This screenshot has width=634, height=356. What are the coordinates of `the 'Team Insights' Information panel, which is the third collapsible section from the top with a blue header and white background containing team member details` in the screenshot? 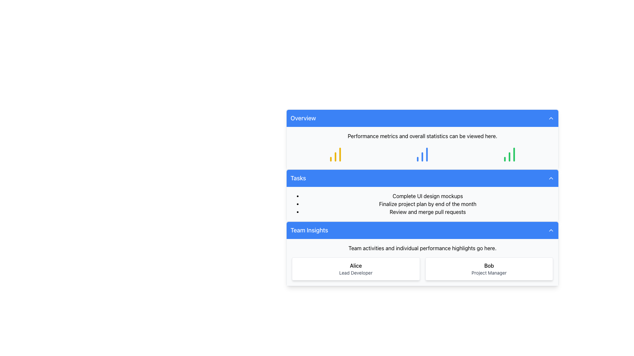 It's located at (422, 253).